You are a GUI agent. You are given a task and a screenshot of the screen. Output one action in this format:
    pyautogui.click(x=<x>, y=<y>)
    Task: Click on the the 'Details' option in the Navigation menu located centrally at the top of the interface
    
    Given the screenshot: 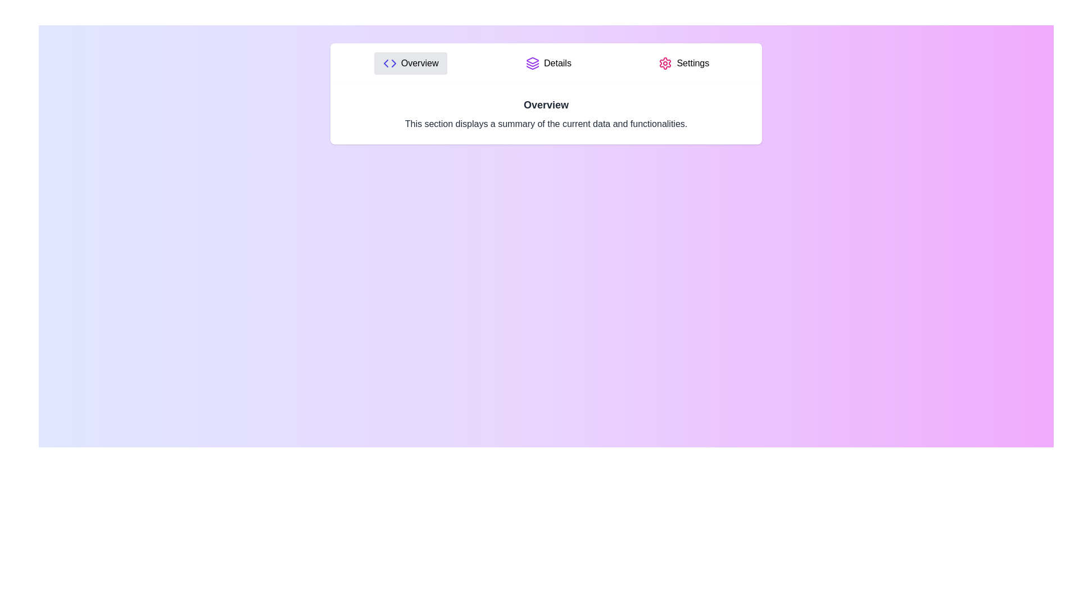 What is the action you would take?
    pyautogui.click(x=546, y=63)
    